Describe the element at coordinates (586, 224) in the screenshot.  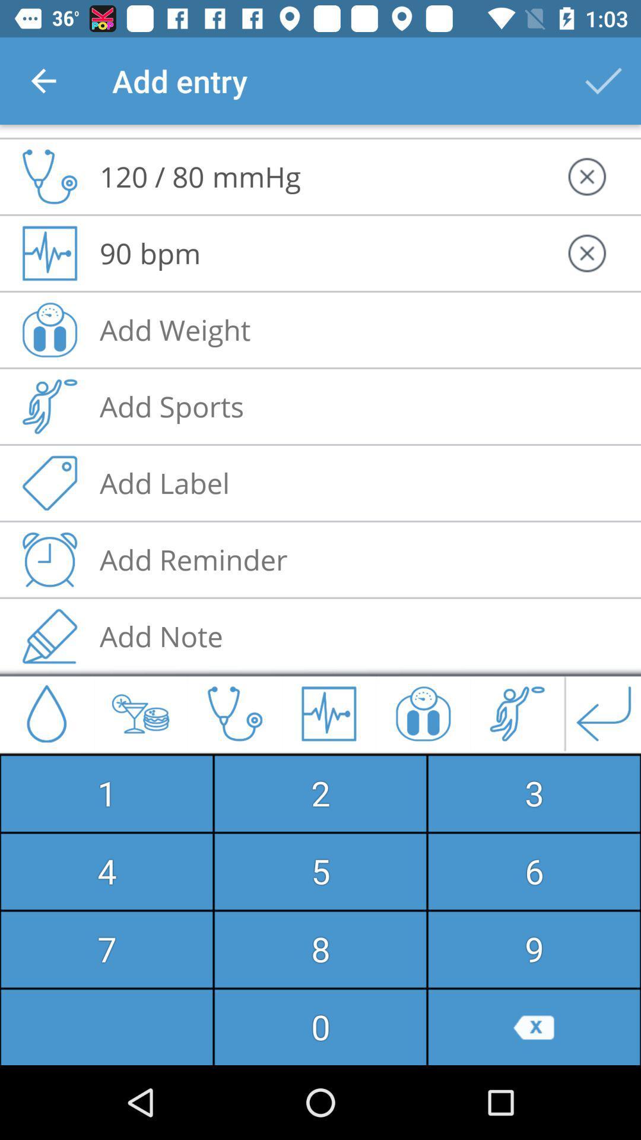
I see `the close icon` at that location.